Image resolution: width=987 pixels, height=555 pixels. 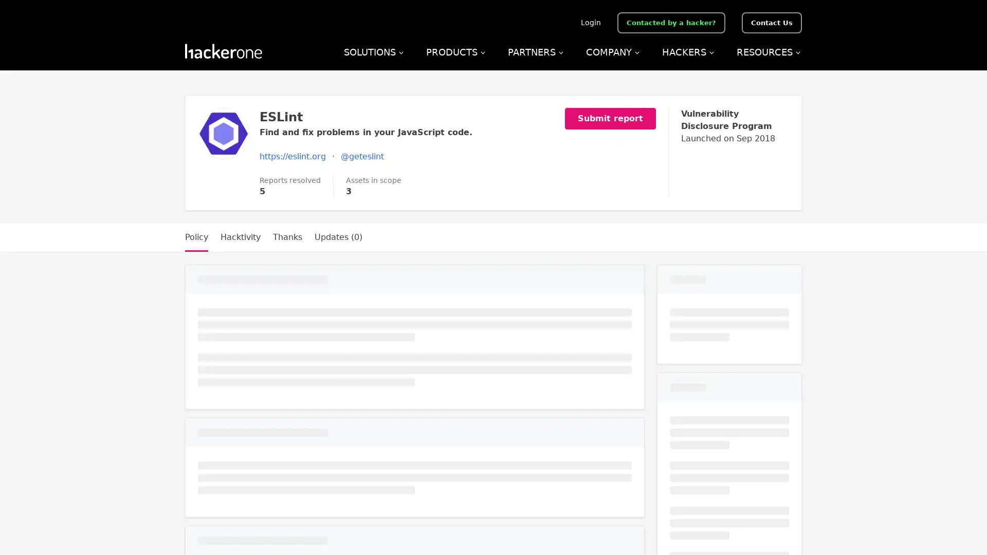 I want to click on Submit report, so click(x=617, y=118).